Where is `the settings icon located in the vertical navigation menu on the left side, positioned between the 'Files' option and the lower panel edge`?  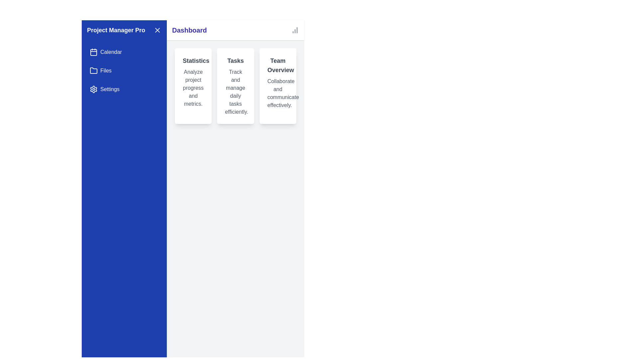
the settings icon located in the vertical navigation menu on the left side, positioned between the 'Files' option and the lower panel edge is located at coordinates (93, 89).